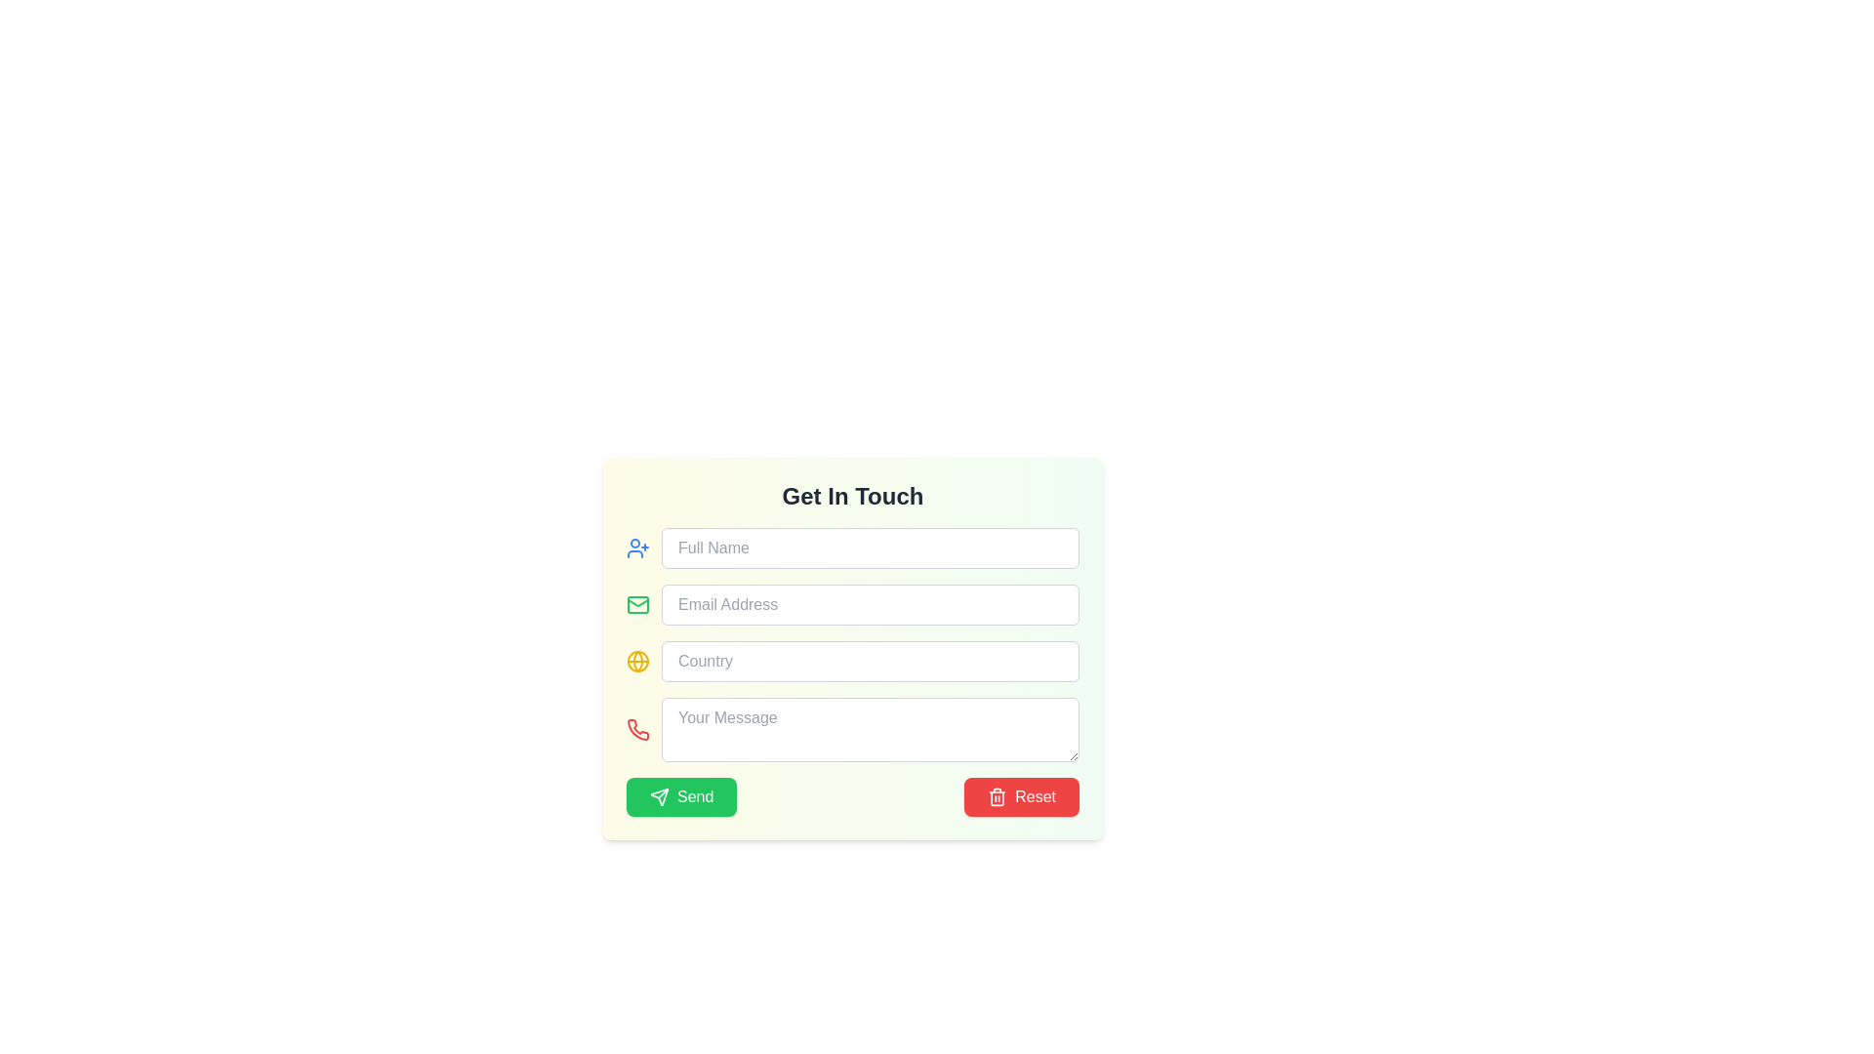 The image size is (1874, 1054). I want to click on the submit button located at the bottom left of the 'Get In Touch' form section, so click(681, 797).